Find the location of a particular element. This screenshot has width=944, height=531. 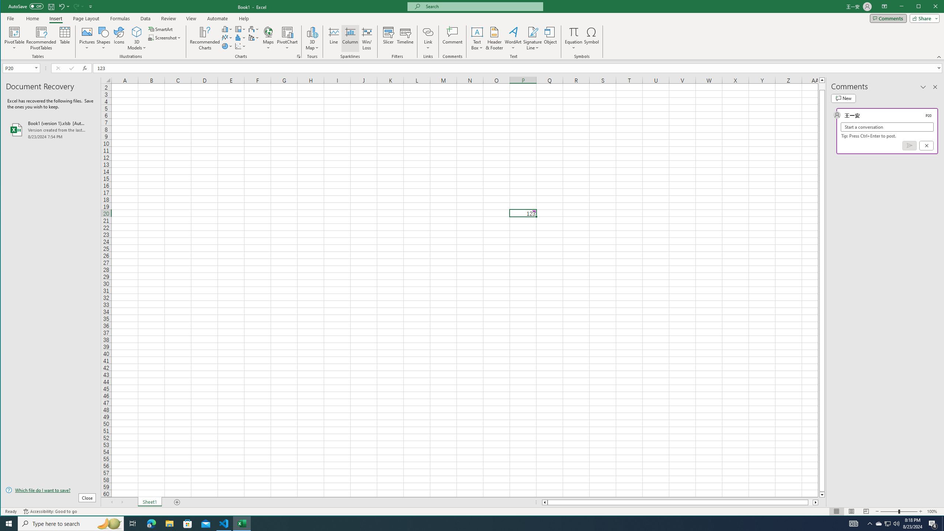

'Maps' is located at coordinates (268, 38).